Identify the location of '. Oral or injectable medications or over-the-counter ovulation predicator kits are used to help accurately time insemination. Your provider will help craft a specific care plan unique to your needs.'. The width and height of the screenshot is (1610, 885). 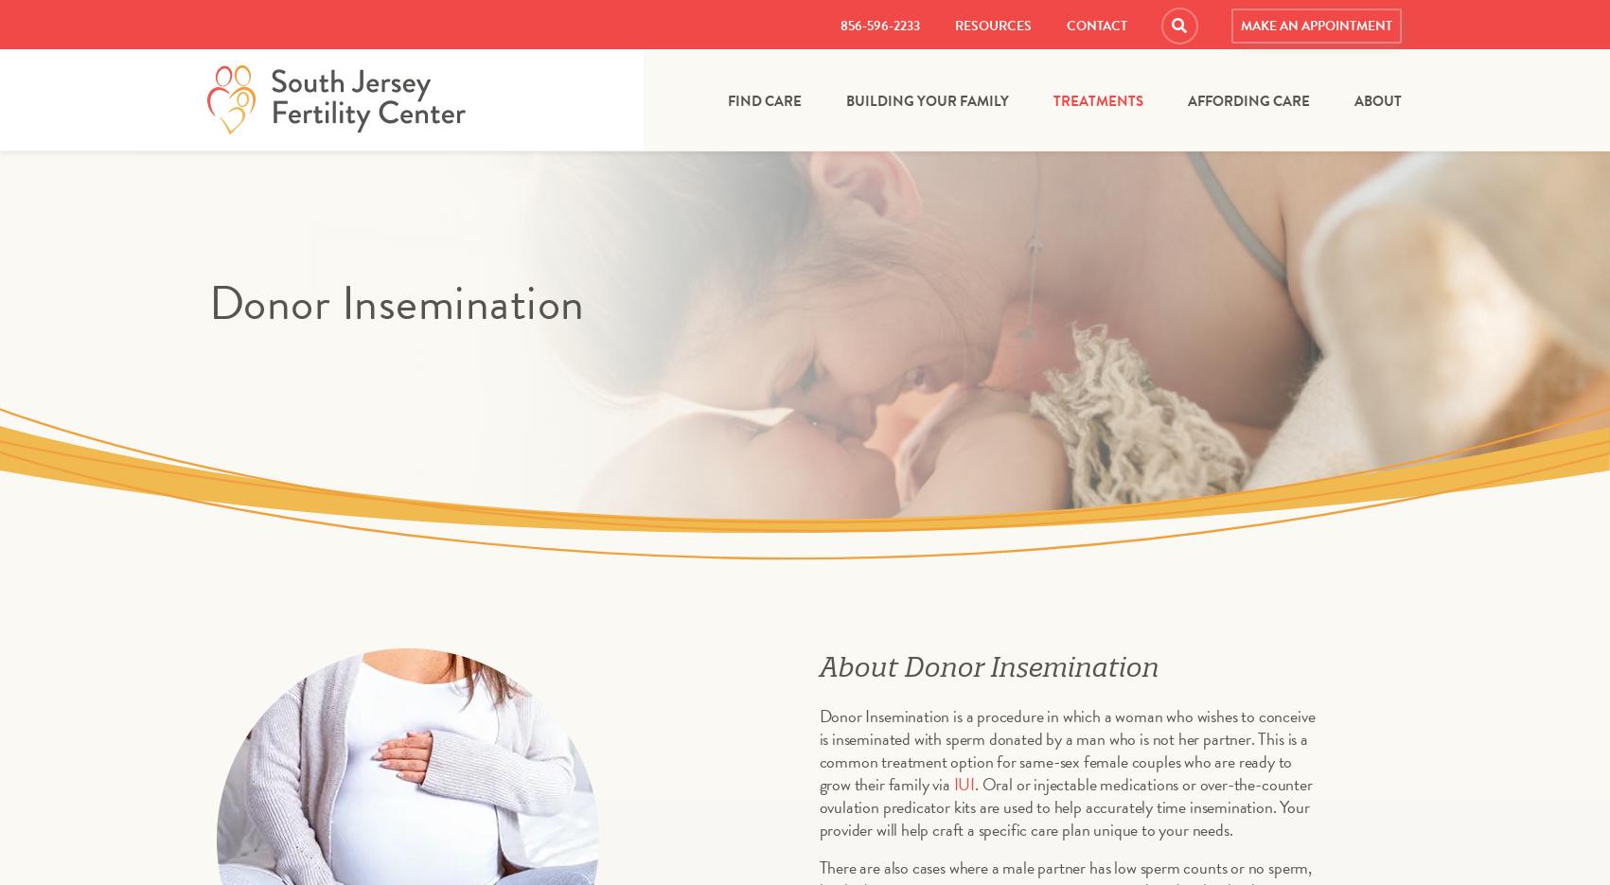
(1064, 805).